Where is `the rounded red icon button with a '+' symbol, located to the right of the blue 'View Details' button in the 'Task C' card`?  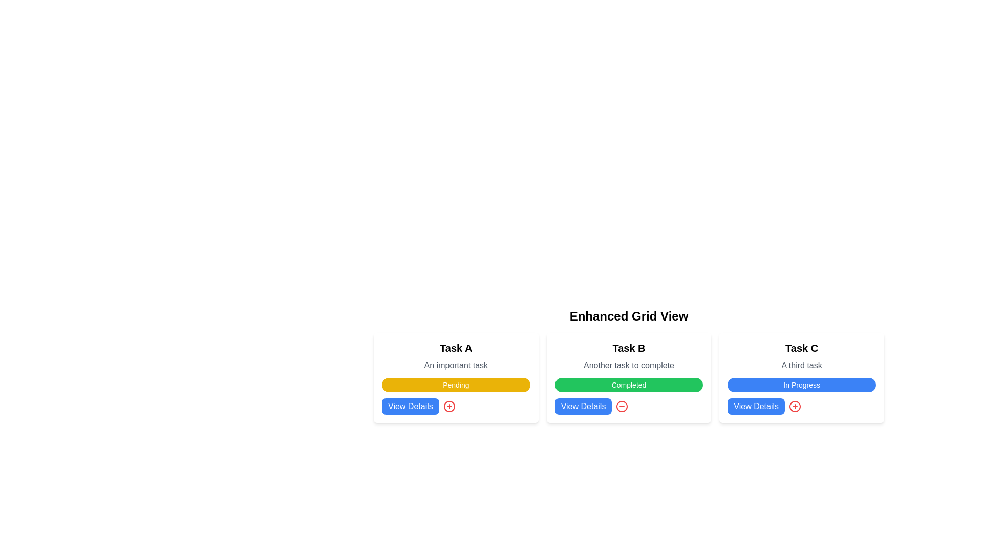 the rounded red icon button with a '+' symbol, located to the right of the blue 'View Details' button in the 'Task C' card is located at coordinates (801, 406).